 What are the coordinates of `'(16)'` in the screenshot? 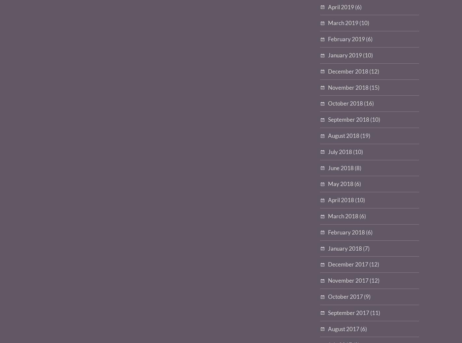 It's located at (368, 103).